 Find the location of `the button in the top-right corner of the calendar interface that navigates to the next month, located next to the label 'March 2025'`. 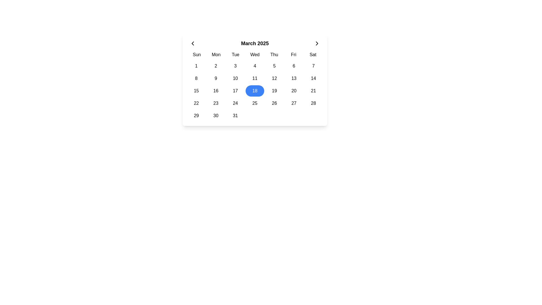

the button in the top-right corner of the calendar interface that navigates to the next month, located next to the label 'March 2025' is located at coordinates (317, 43).